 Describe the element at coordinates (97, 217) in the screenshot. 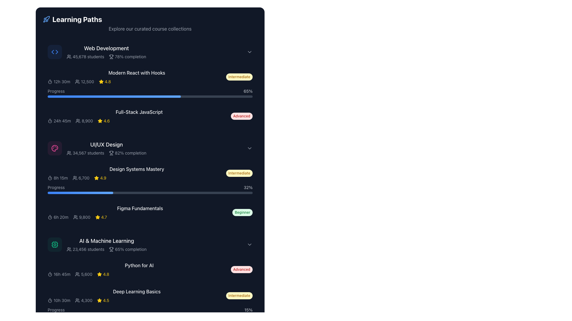

I see `the star icon representing a rating score` at that location.